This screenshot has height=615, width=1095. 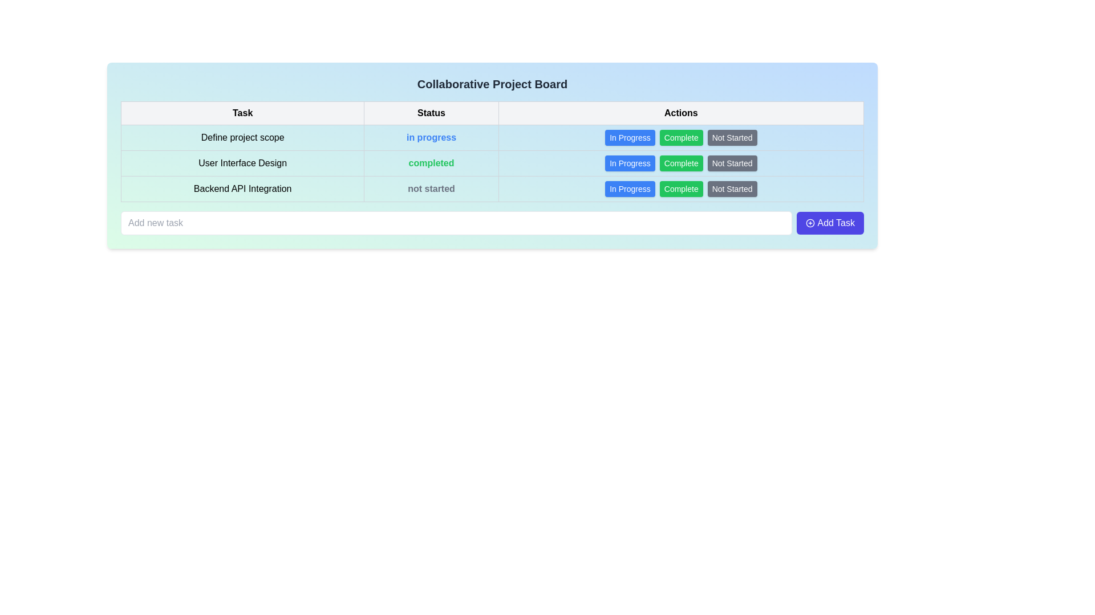 I want to click on the second button in a horizontal row of three under the 'Actions' column in the last row of the table to mark the task as complete, so click(x=681, y=188).